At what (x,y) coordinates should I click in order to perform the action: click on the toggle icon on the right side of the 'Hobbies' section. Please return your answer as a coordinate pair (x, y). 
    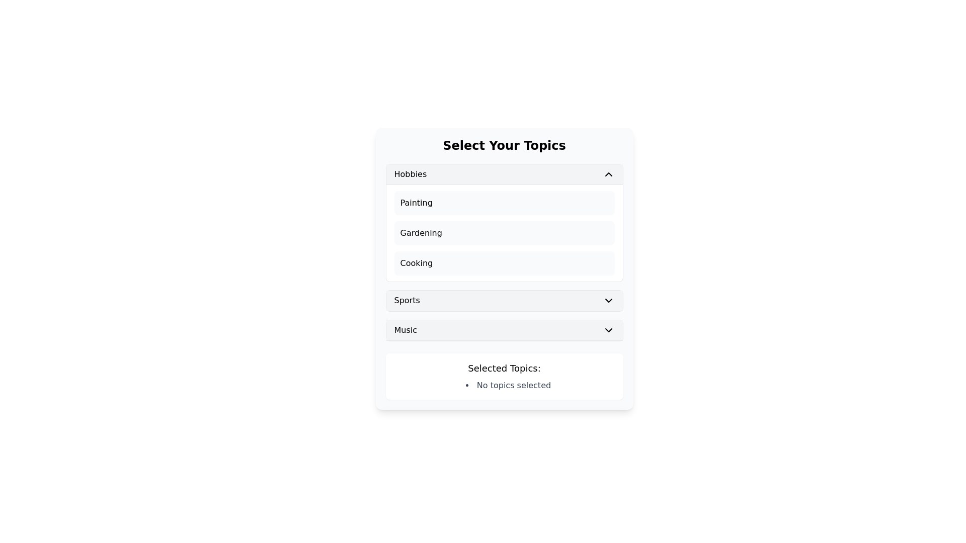
    Looking at the image, I should click on (608, 174).